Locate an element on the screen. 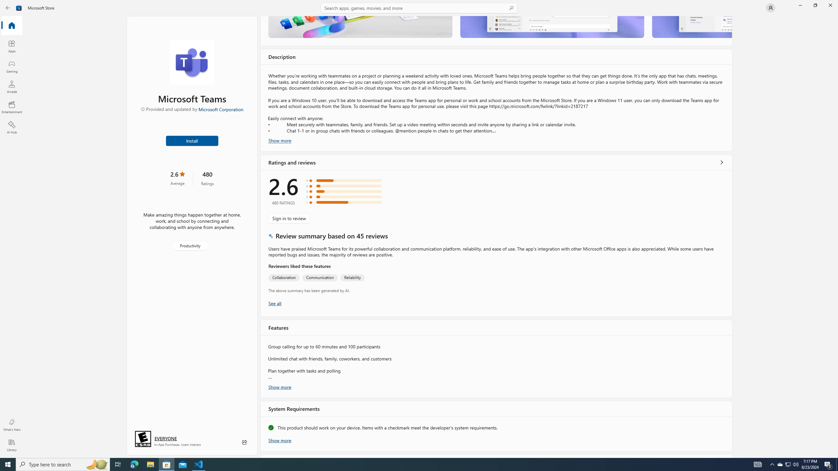 The width and height of the screenshot is (838, 471). 'Gaming' is located at coordinates (11, 66).